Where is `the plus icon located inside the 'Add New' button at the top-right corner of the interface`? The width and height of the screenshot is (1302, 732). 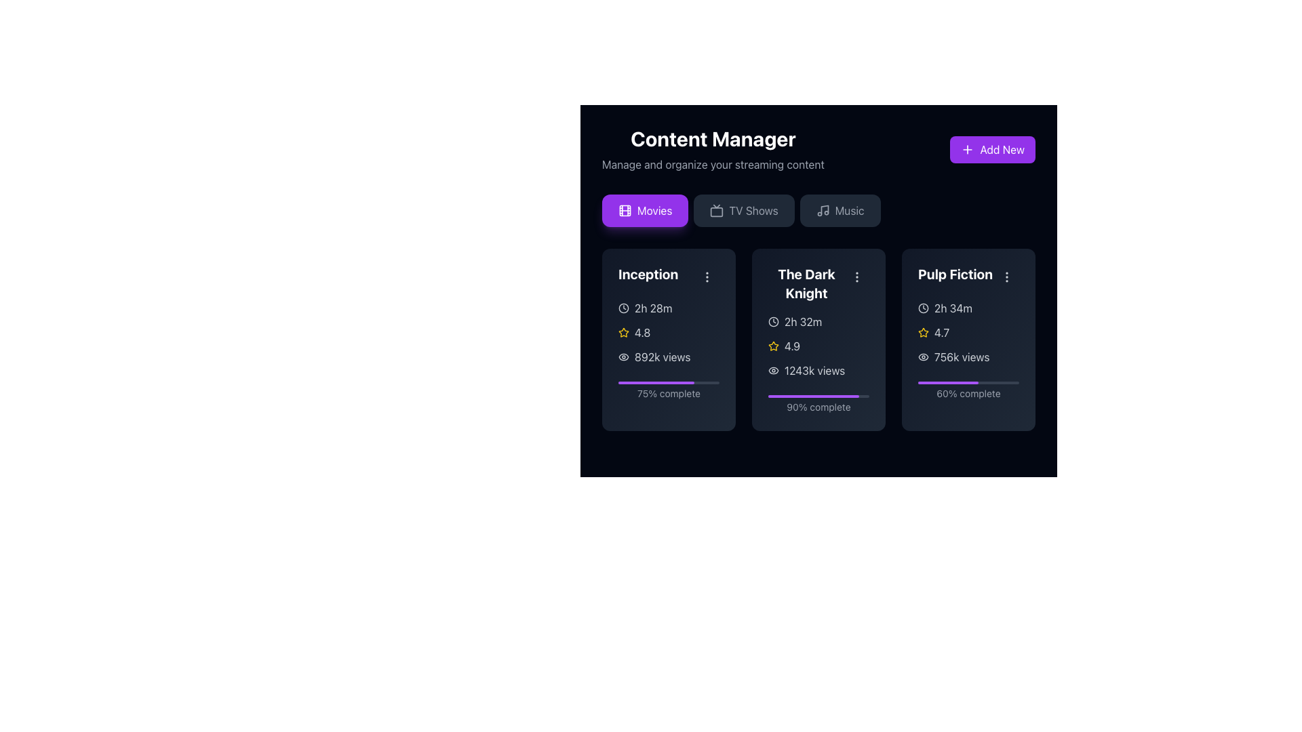
the plus icon located inside the 'Add New' button at the top-right corner of the interface is located at coordinates (967, 149).